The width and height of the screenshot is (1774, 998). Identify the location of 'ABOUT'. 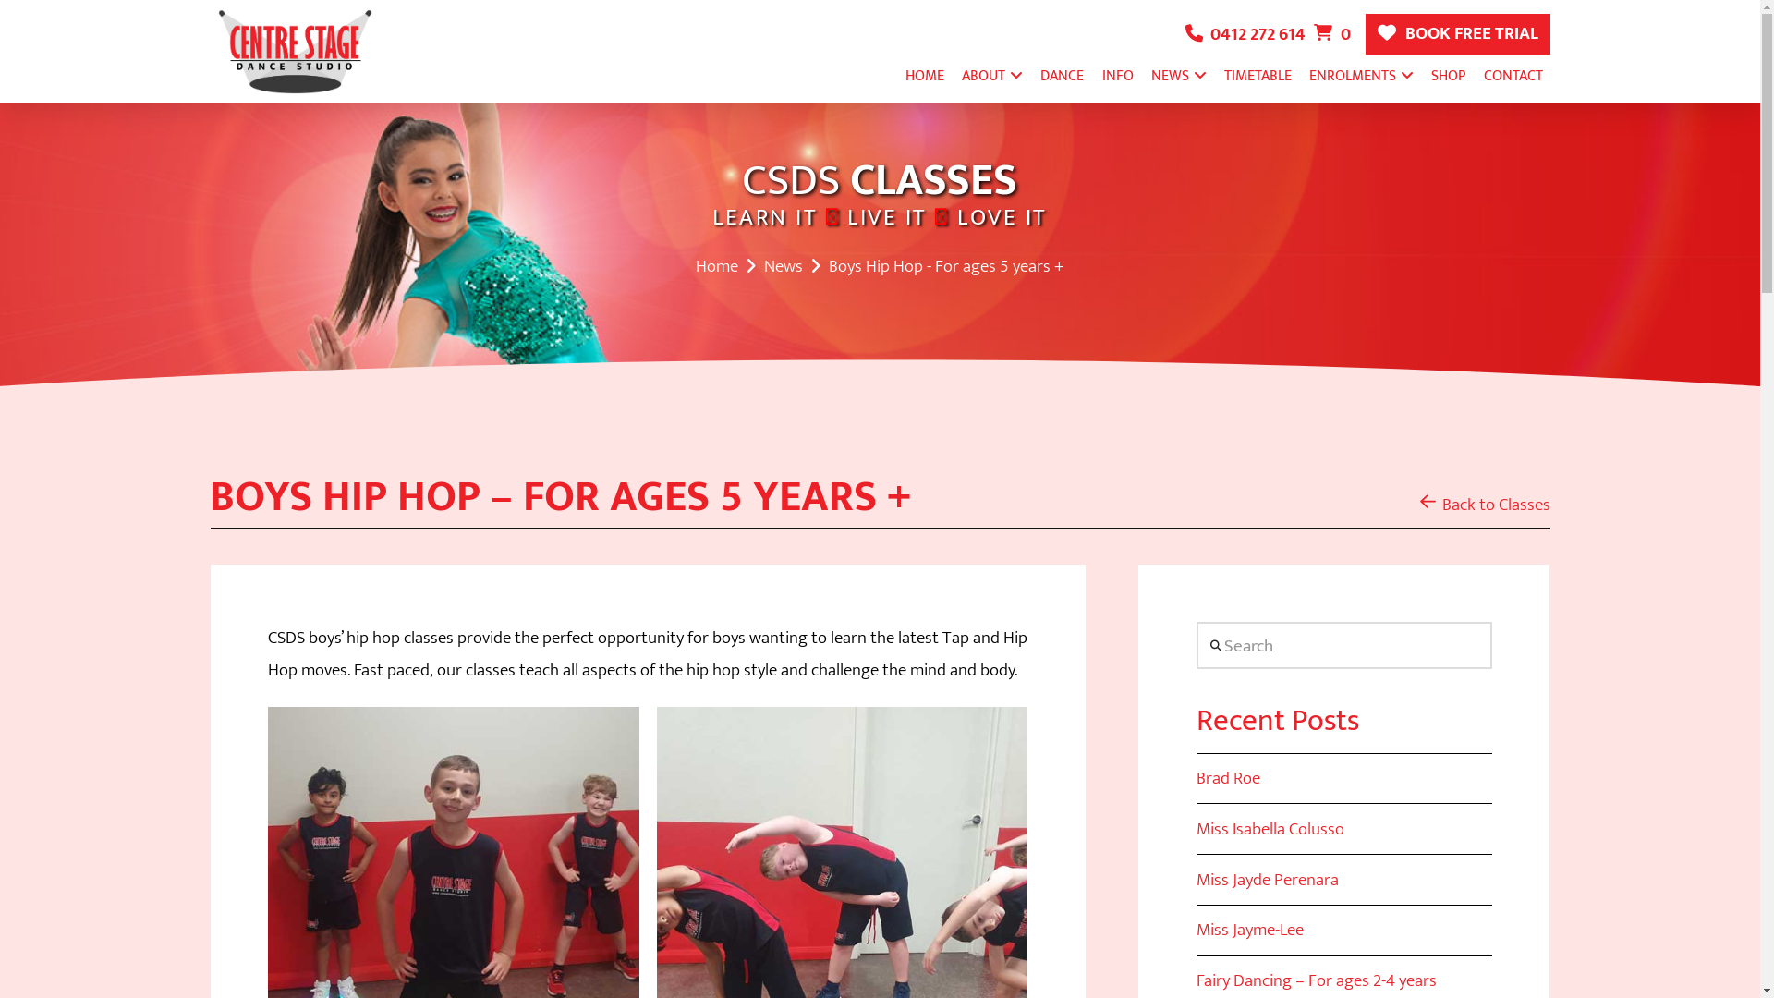
(991, 74).